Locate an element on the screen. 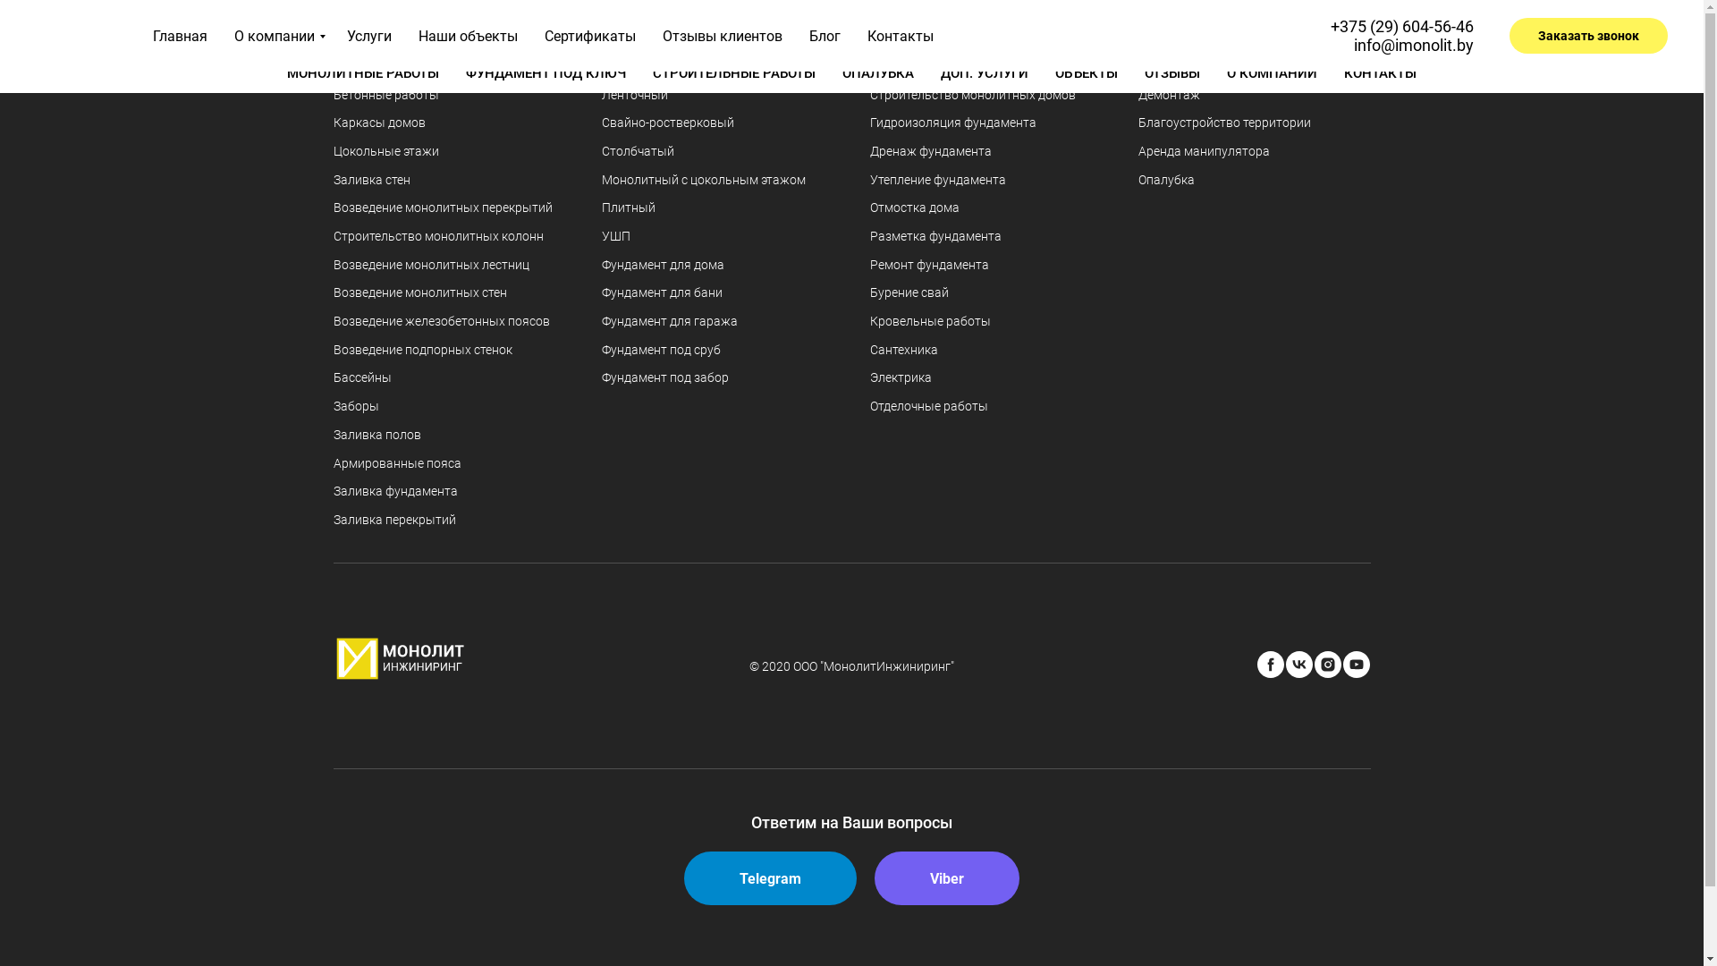 This screenshot has height=966, width=1717. 'Viber' is located at coordinates (946, 877).